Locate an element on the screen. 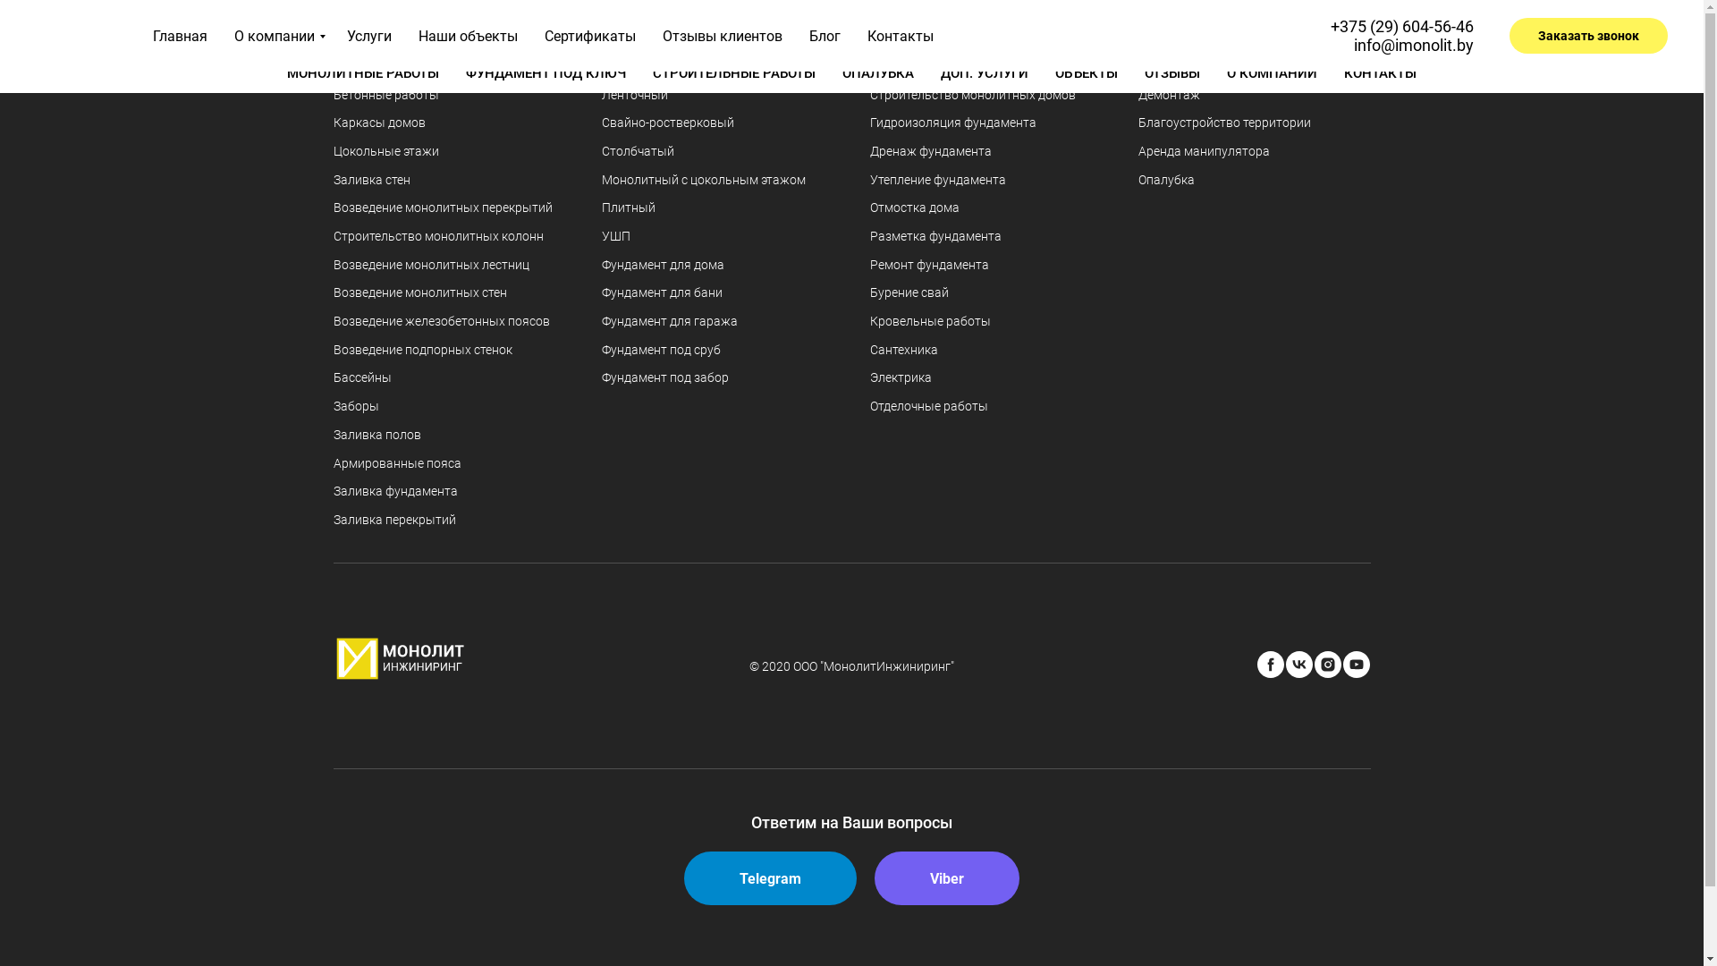 This screenshot has height=966, width=1717. 'Viber' is located at coordinates (946, 877).